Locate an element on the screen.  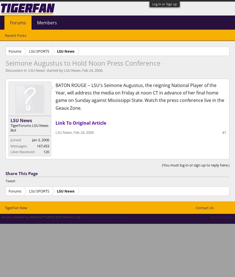
'BATON ROUGE -- LSU's Seimone Augustus, the reigning National Player of the Year, will address the media on Friday at noon CT in advance of her final home game on Sunday against Mississippi State. Watch the press conference live in the Geaux Zone.' is located at coordinates (140, 96).